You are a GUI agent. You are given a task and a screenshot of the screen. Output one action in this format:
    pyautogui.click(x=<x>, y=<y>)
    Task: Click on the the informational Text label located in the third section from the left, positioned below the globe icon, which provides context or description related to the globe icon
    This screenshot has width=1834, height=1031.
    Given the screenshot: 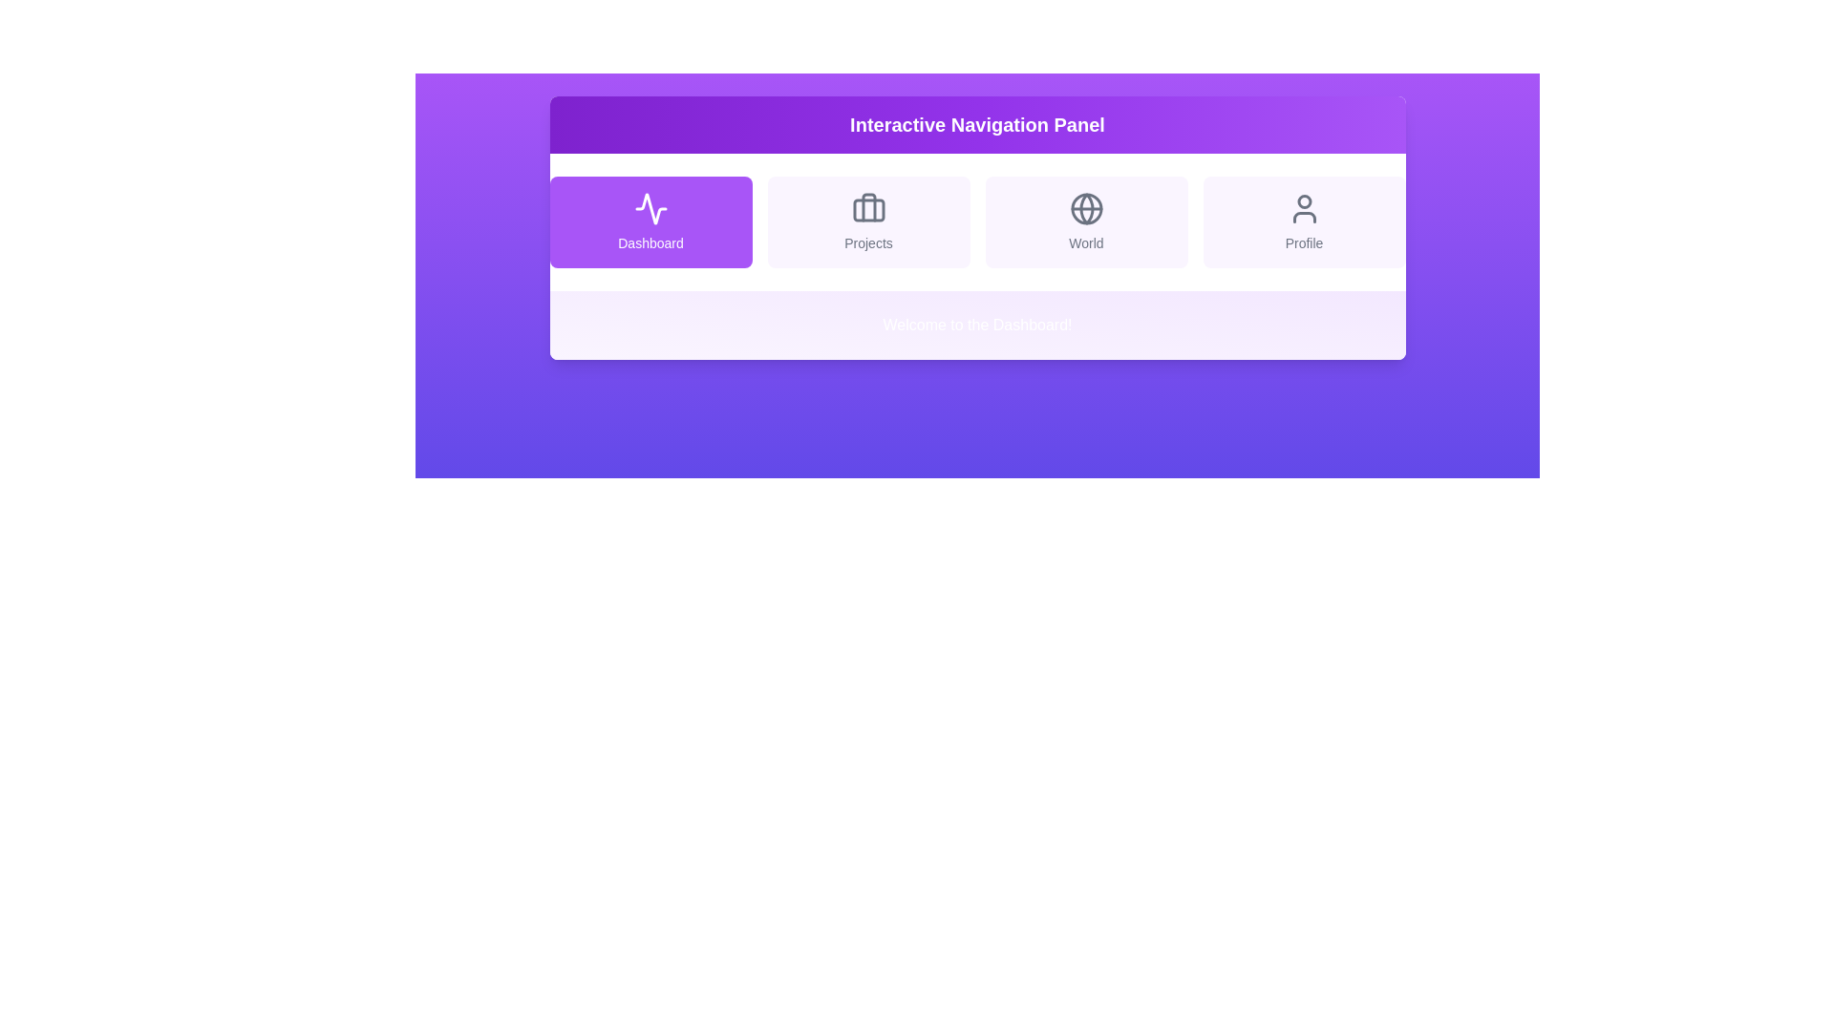 What is the action you would take?
    pyautogui.click(x=1086, y=242)
    